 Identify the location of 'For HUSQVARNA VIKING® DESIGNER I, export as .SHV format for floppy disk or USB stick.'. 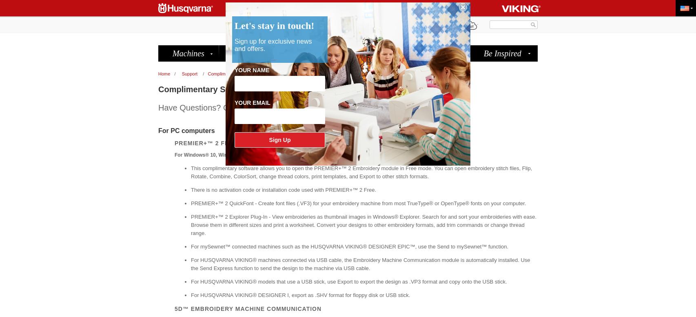
(190, 295).